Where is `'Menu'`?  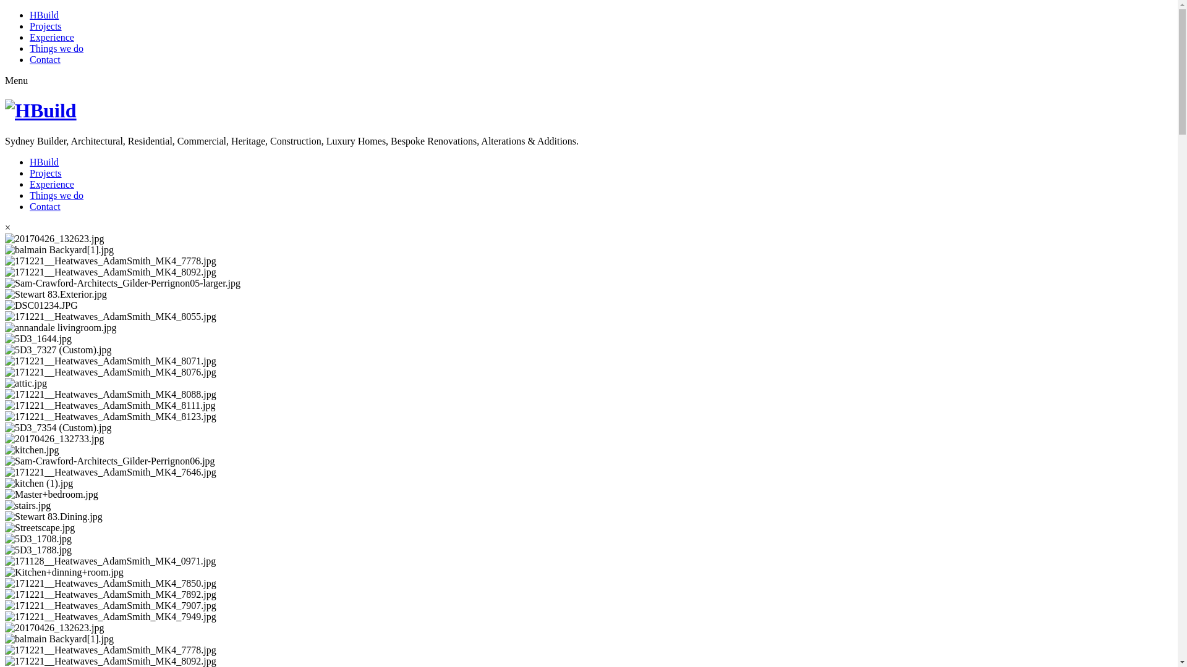
'Menu' is located at coordinates (16, 80).